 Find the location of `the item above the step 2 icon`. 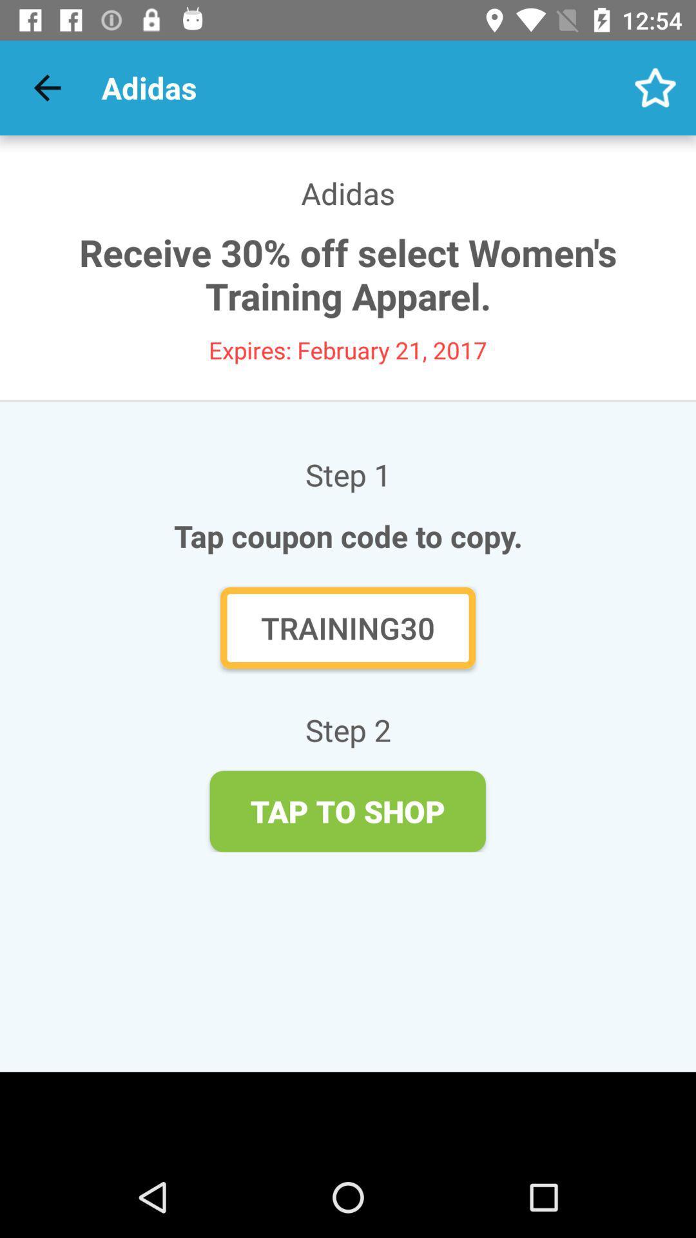

the item above the step 2 icon is located at coordinates (348, 627).